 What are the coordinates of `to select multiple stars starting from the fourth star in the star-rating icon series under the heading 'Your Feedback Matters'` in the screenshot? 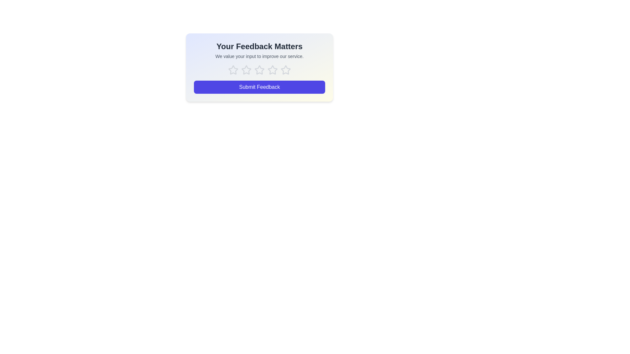 It's located at (259, 70).